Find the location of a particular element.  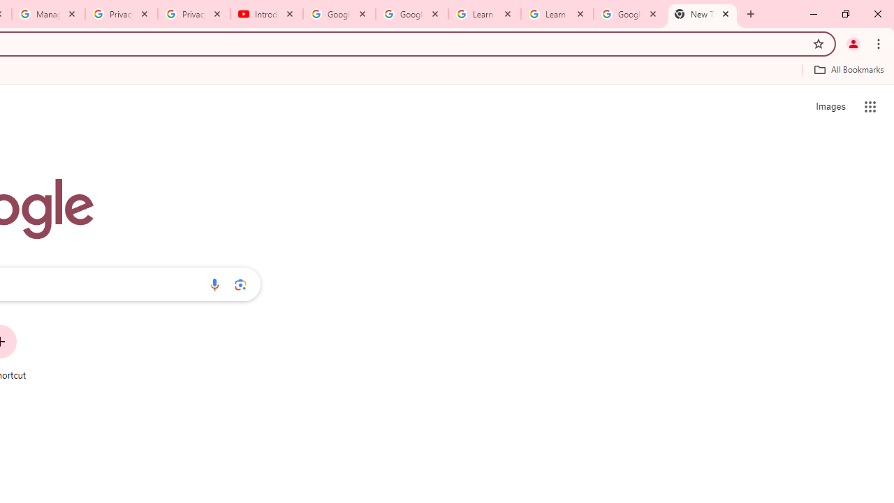

'Search for Images ' is located at coordinates (830, 106).